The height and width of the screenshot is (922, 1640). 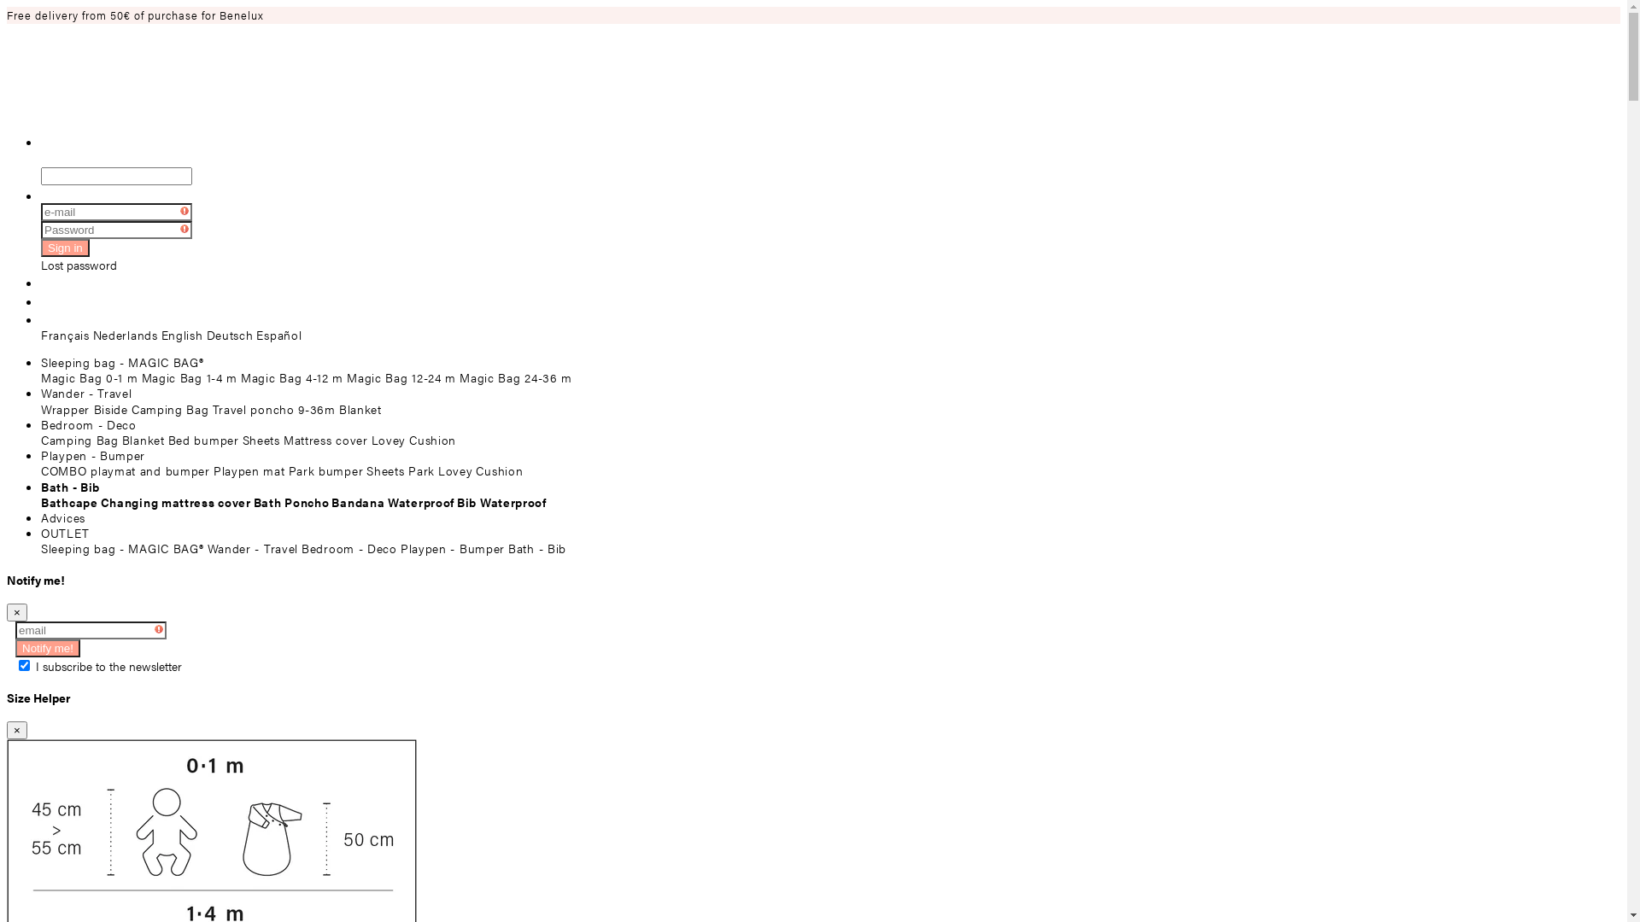 What do you see at coordinates (536, 547) in the screenshot?
I see `'Bath - Bib'` at bounding box center [536, 547].